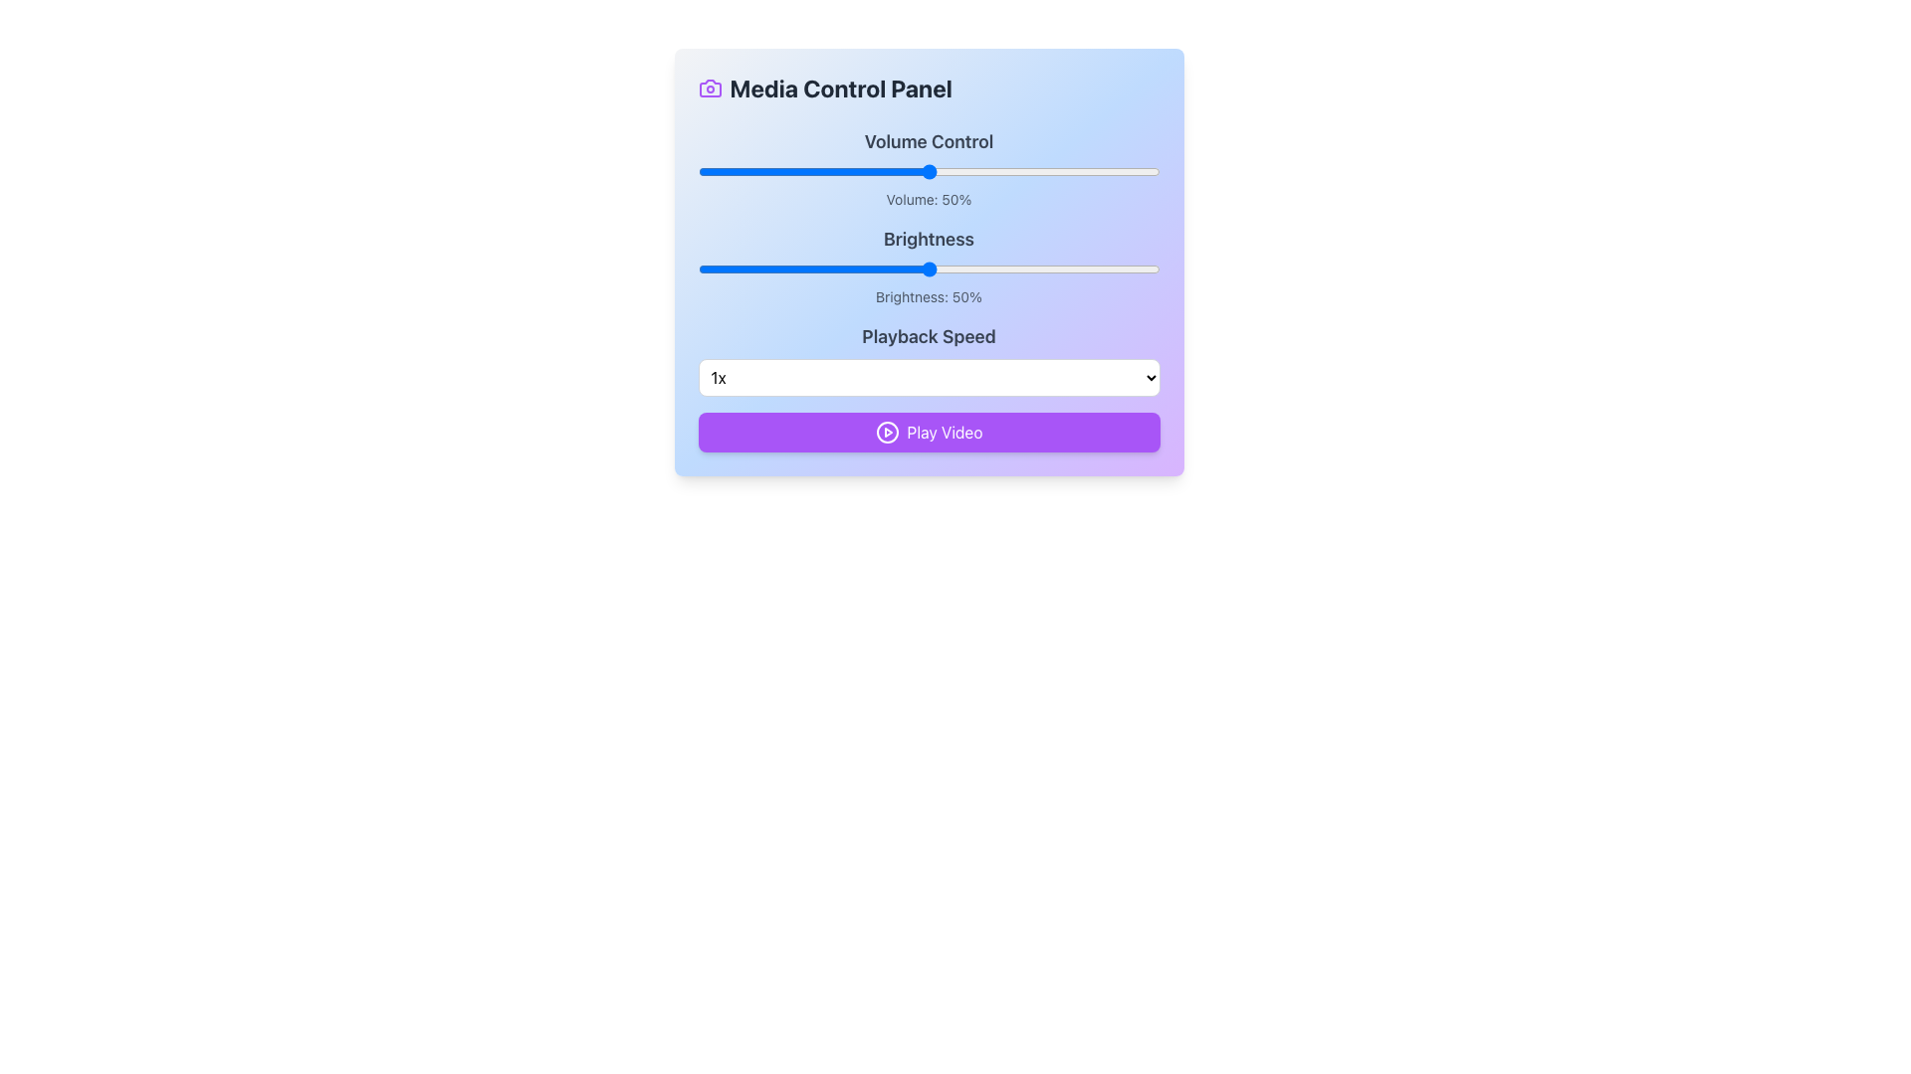  What do you see at coordinates (1108, 268) in the screenshot?
I see `the brightness level` at bounding box center [1108, 268].